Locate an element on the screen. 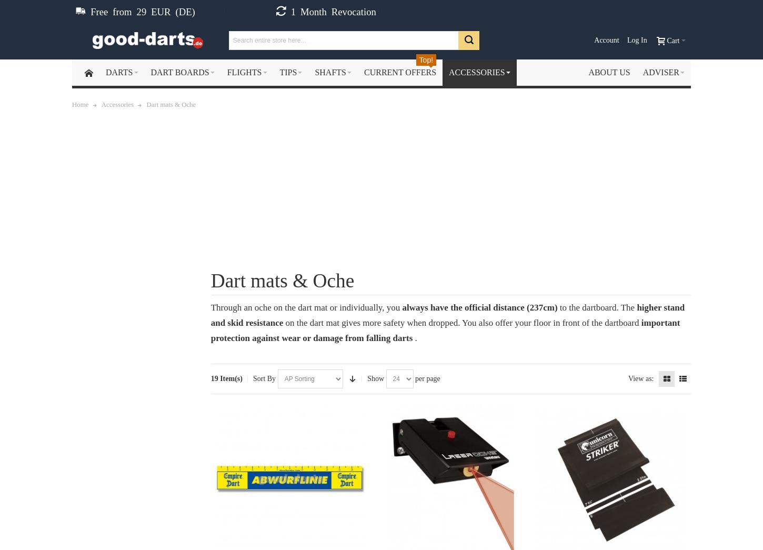  'About us' is located at coordinates (608, 72).